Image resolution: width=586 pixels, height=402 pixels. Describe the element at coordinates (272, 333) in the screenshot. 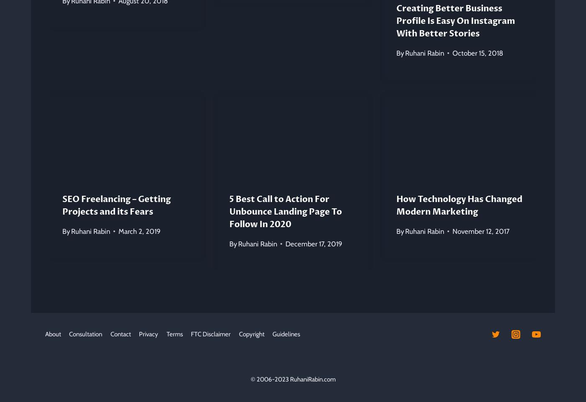

I see `'Guidelines'` at that location.